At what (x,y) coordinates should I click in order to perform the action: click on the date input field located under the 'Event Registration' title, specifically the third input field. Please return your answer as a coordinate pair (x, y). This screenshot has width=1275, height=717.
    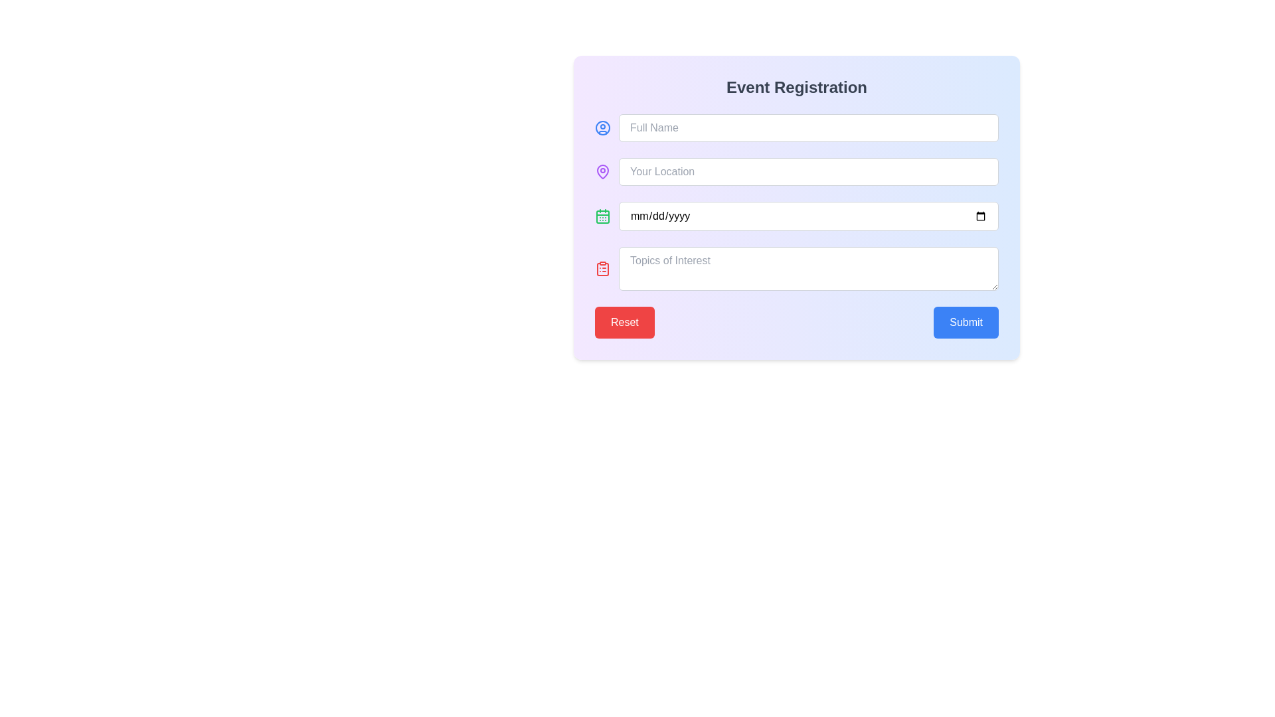
    Looking at the image, I should click on (808, 216).